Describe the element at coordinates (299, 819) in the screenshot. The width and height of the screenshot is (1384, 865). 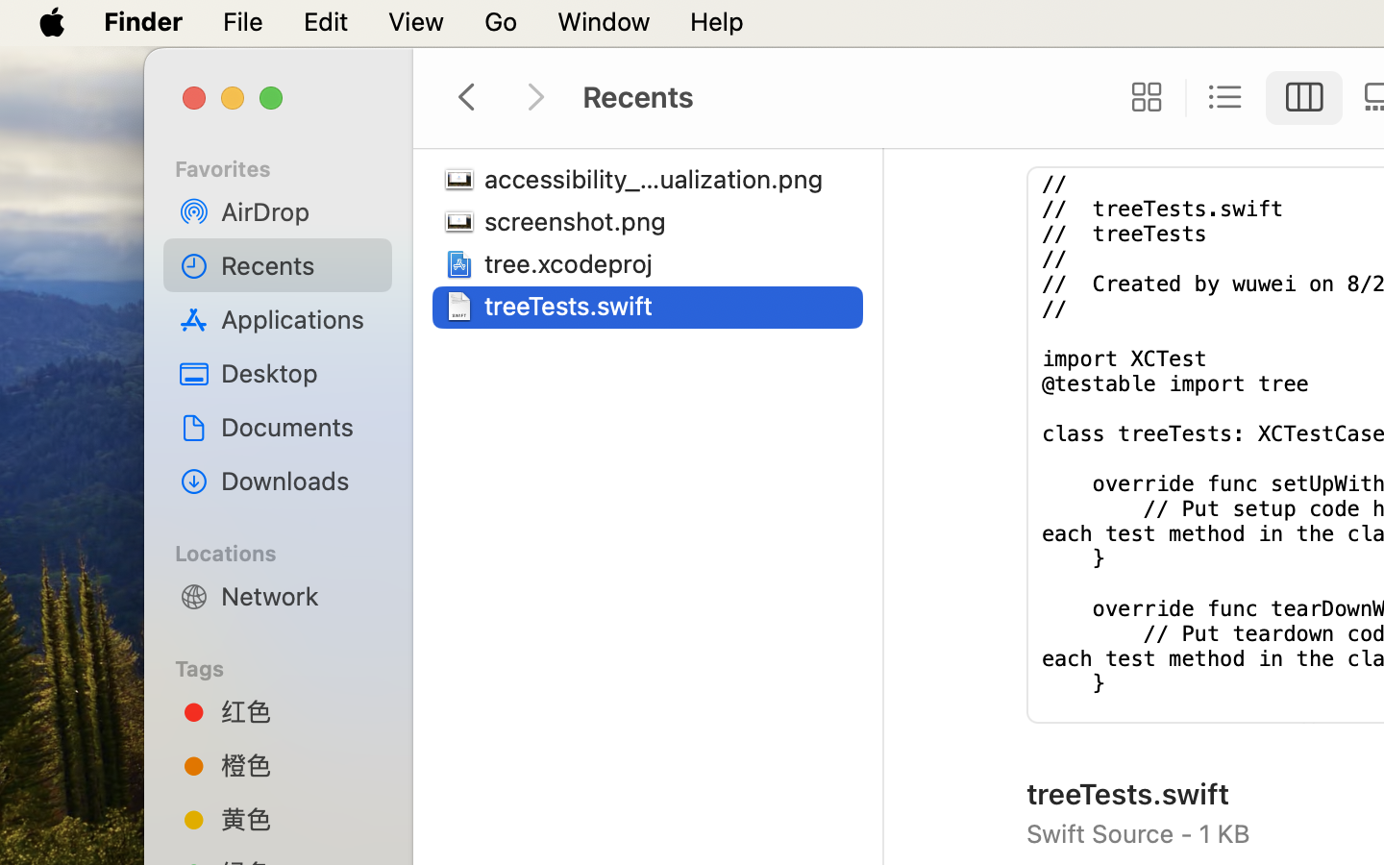
I see `'黄色'` at that location.